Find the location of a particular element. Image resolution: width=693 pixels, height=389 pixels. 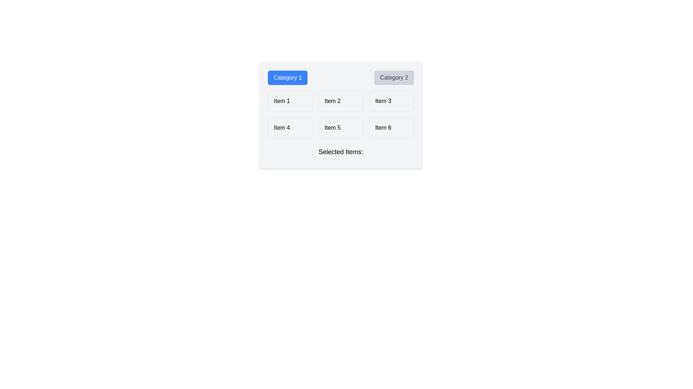

text of the label indicating the title or name of the fifth selectable item in a grid of six items, located at the bottom left of the second row is located at coordinates (332, 127).